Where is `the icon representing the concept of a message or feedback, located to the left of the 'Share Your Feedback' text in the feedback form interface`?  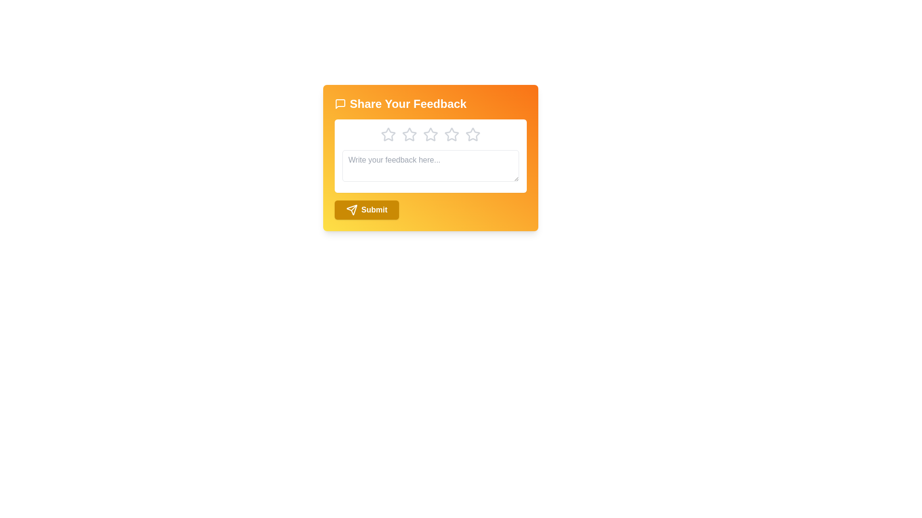 the icon representing the concept of a message or feedback, located to the left of the 'Share Your Feedback' text in the feedback form interface is located at coordinates (340, 104).